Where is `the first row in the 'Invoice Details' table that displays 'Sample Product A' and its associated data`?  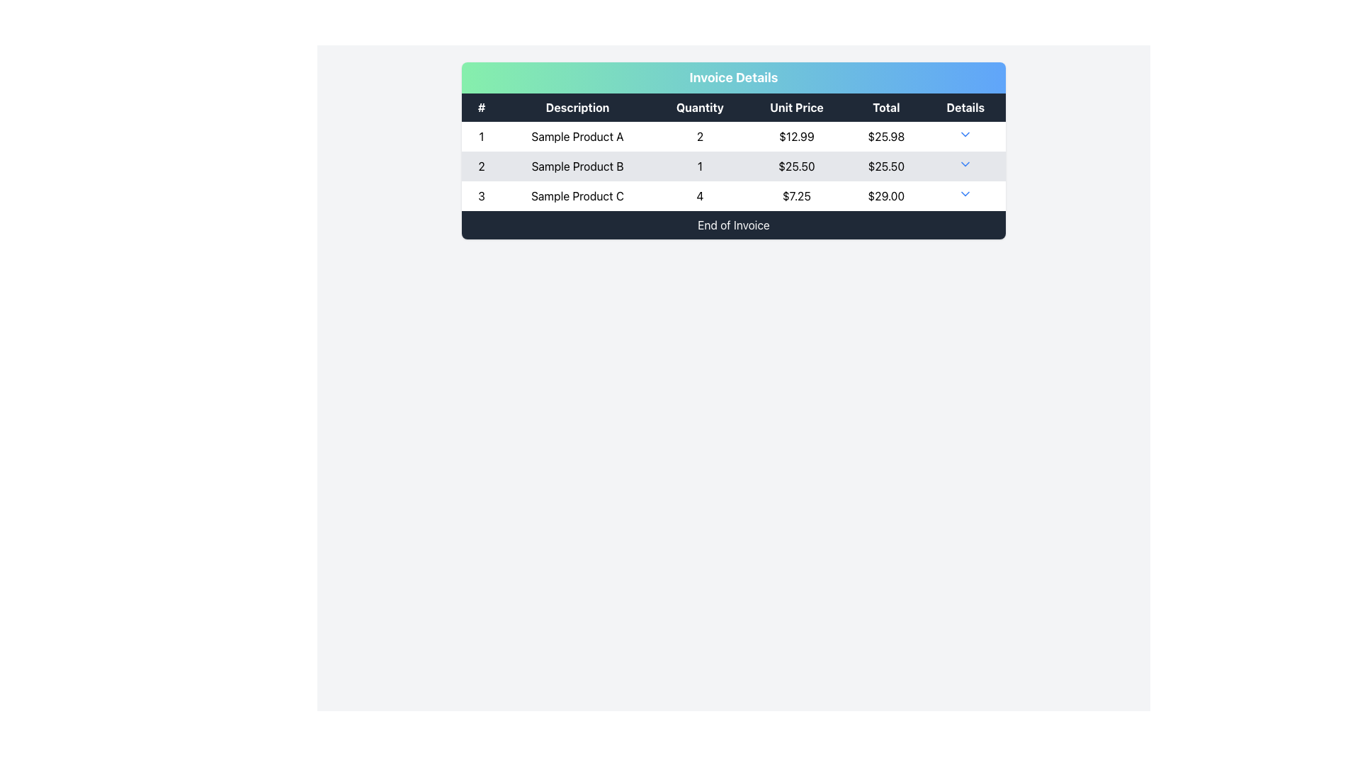 the first row in the 'Invoice Details' table that displays 'Sample Product A' and its associated data is located at coordinates (734, 136).